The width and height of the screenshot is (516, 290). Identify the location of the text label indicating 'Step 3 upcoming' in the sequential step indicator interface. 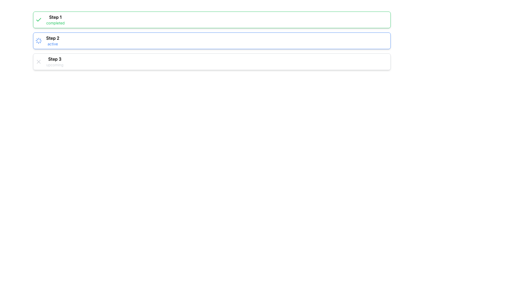
(55, 59).